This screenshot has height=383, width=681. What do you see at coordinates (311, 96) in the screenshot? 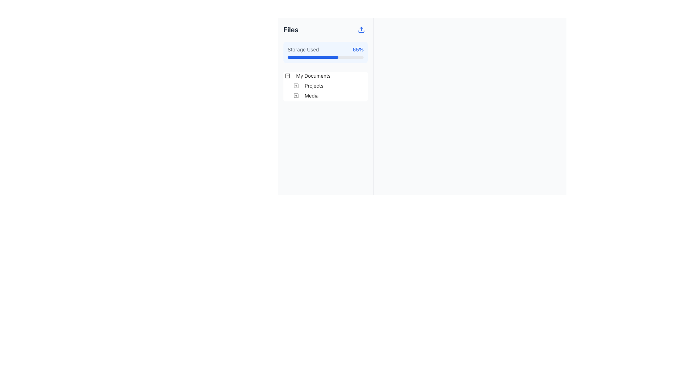
I see `the 'Media' label within the tree item` at bounding box center [311, 96].